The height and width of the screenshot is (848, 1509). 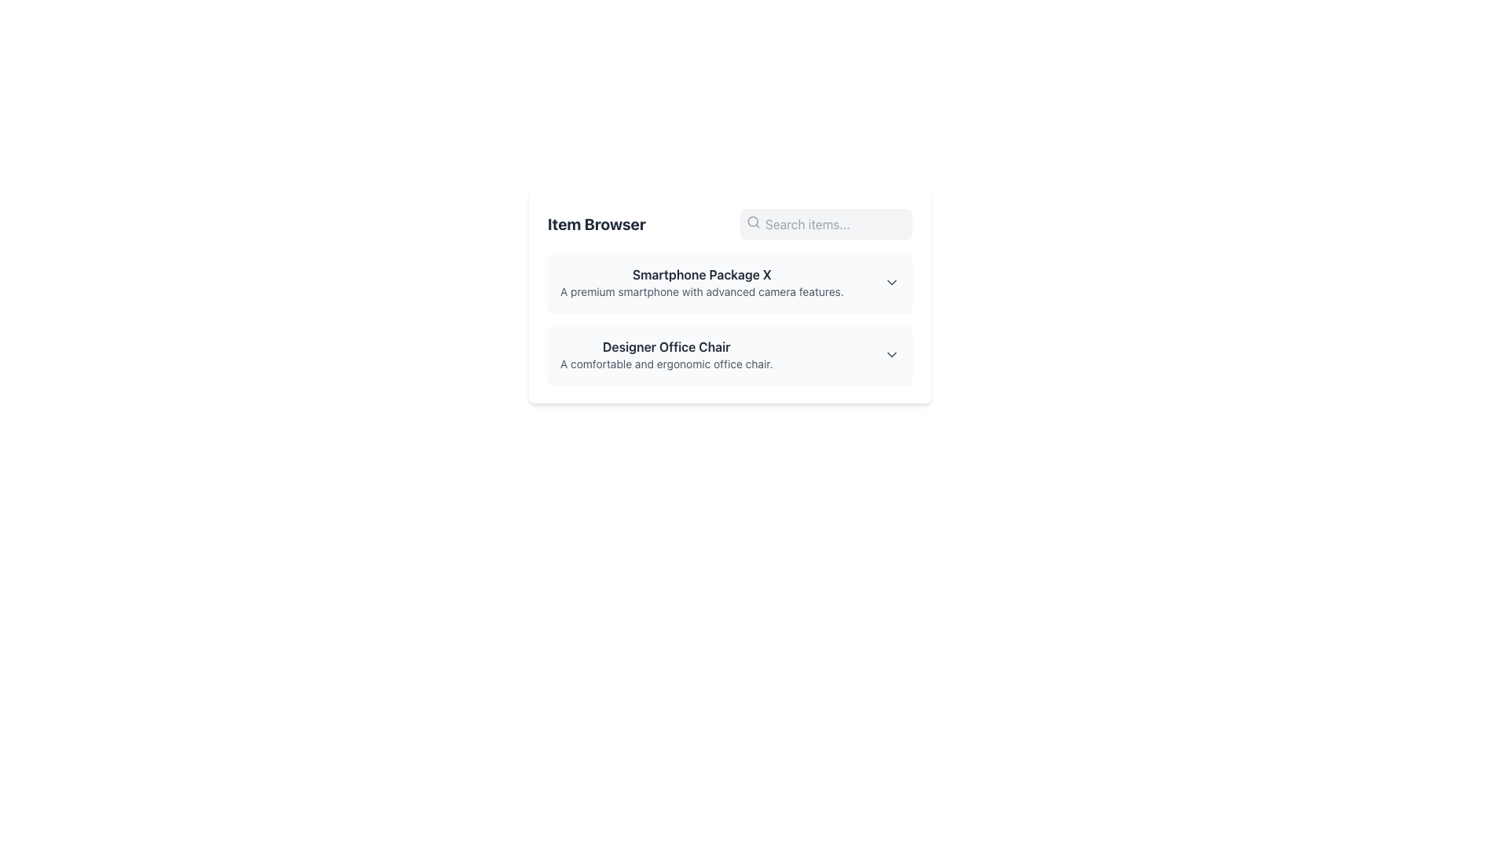 I want to click on the search icon resembling a magnifying glass, which is positioned on the left side of the search input field, so click(x=753, y=221).